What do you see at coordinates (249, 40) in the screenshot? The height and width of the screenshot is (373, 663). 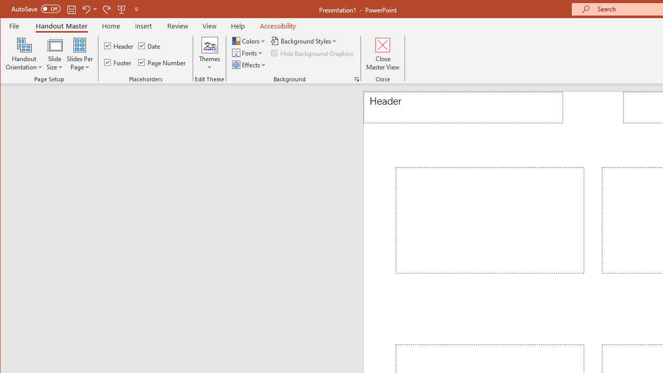 I see `'Colors'` at bounding box center [249, 40].